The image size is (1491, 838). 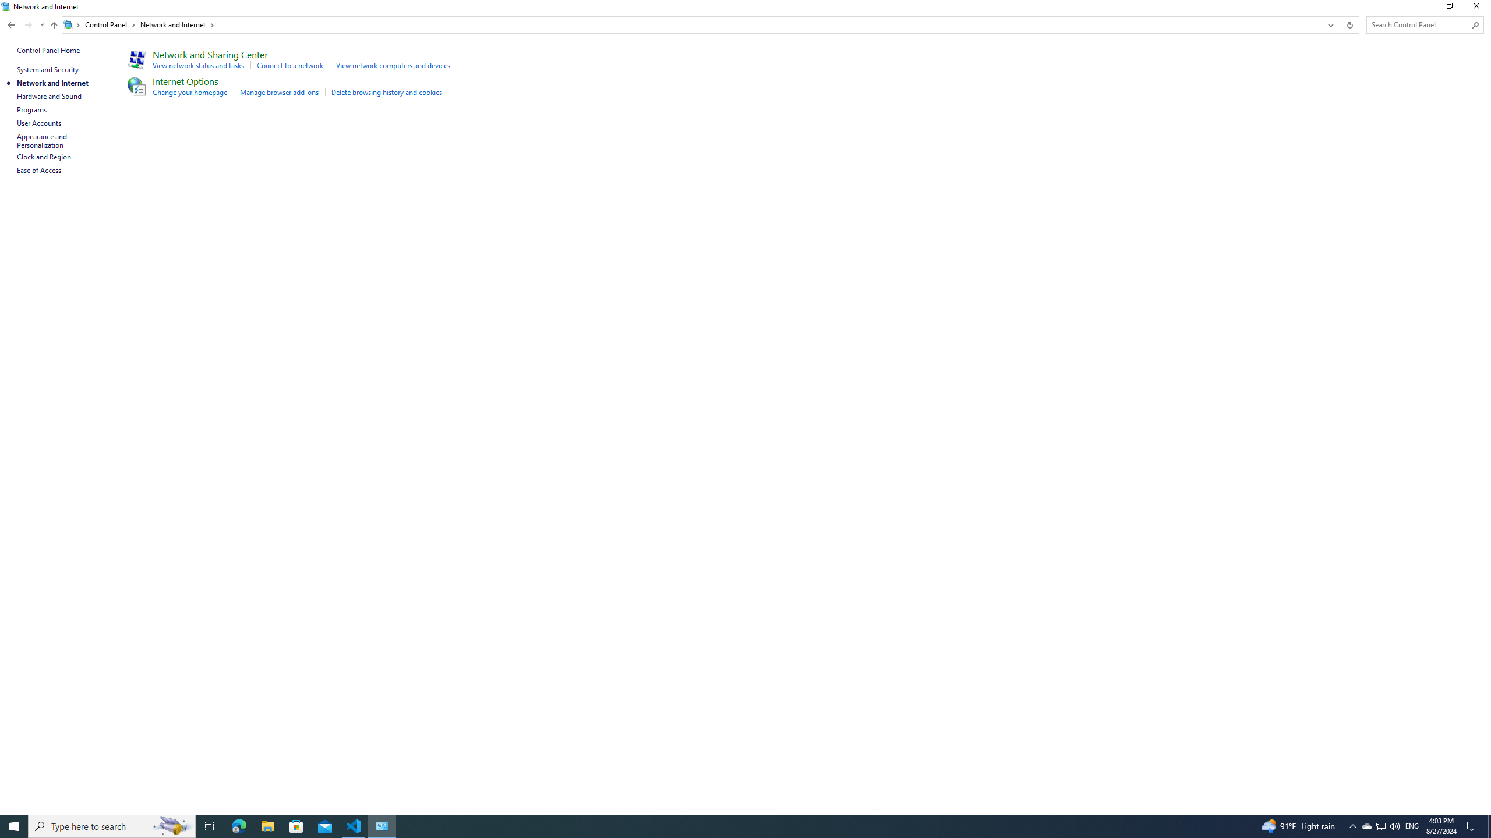 What do you see at coordinates (11, 24) in the screenshot?
I see `'Back to System and Security (Alt + Left Arrow)'` at bounding box center [11, 24].